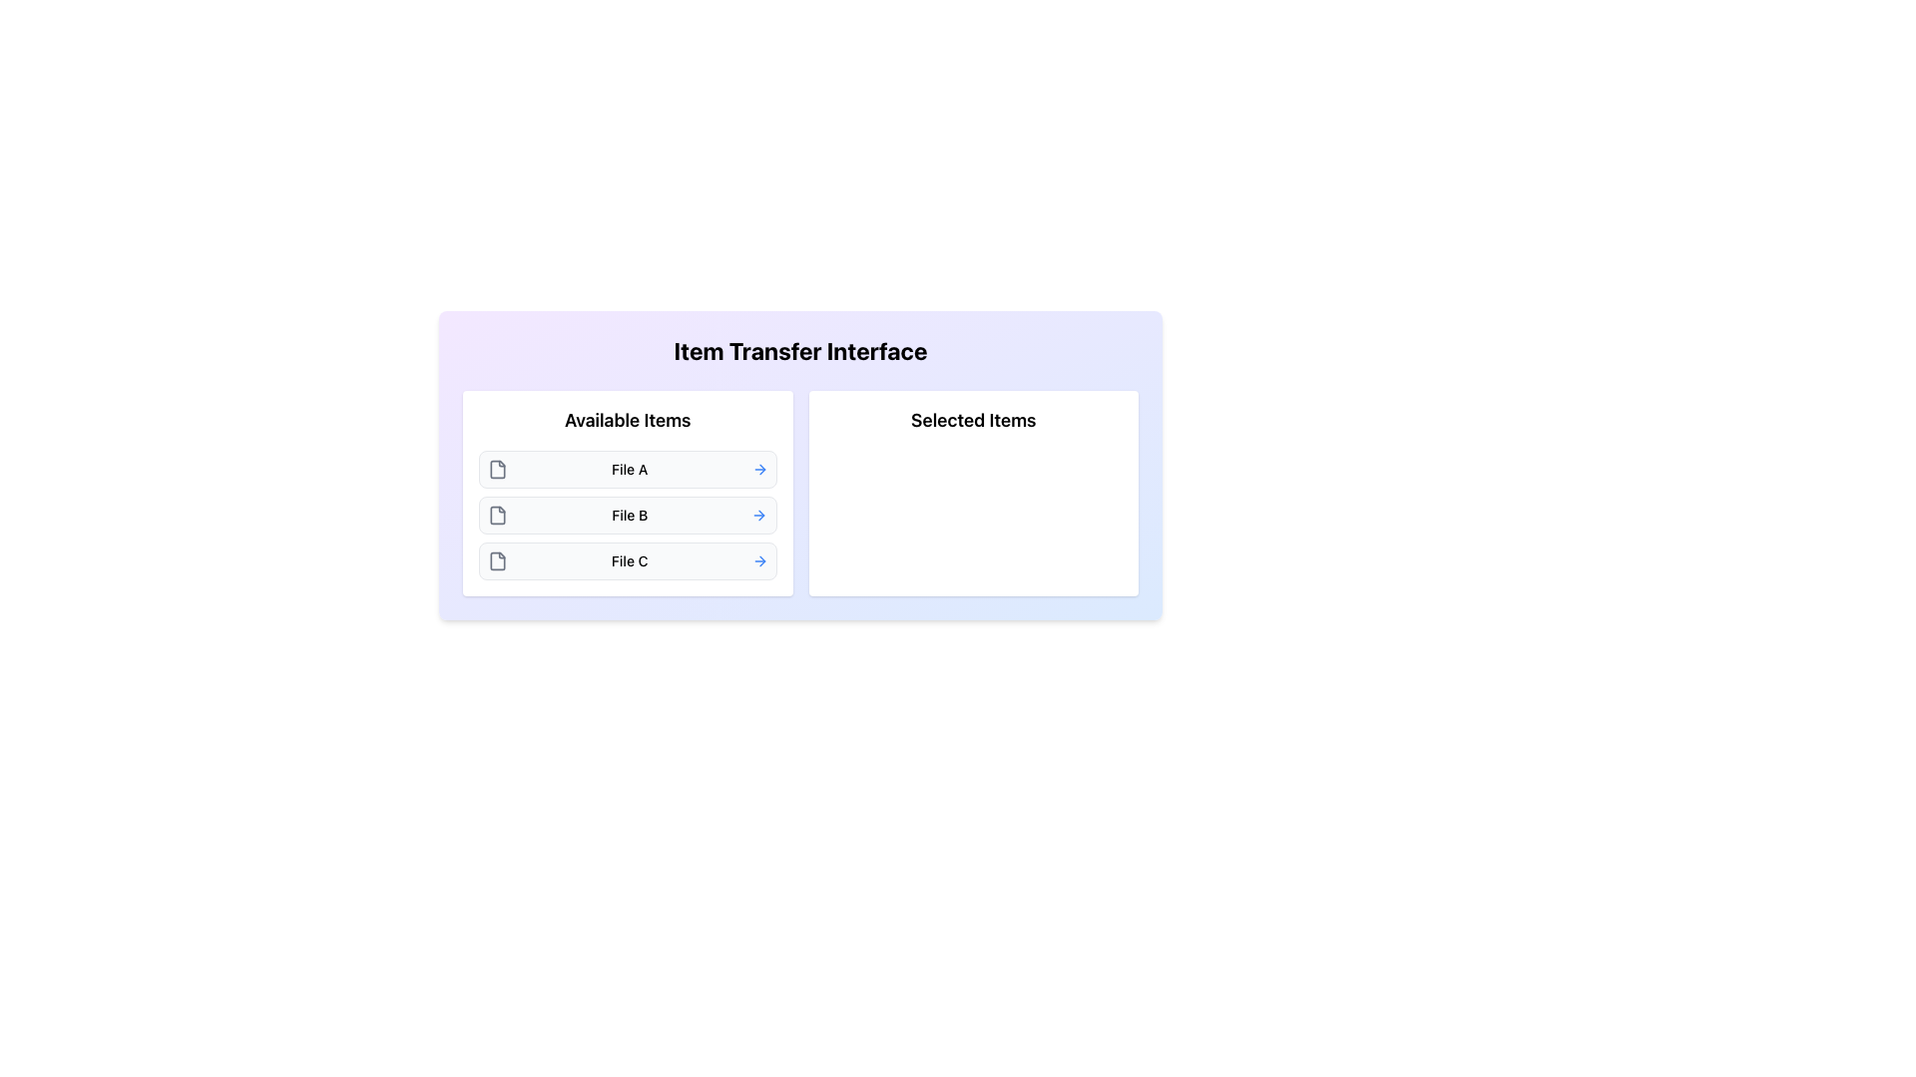 The height and width of the screenshot is (1077, 1916). I want to click on the icon resembling a document or file, which is the third item in the vertical stack under the 'Available Items' section, located to the left of the label 'File C', so click(498, 561).